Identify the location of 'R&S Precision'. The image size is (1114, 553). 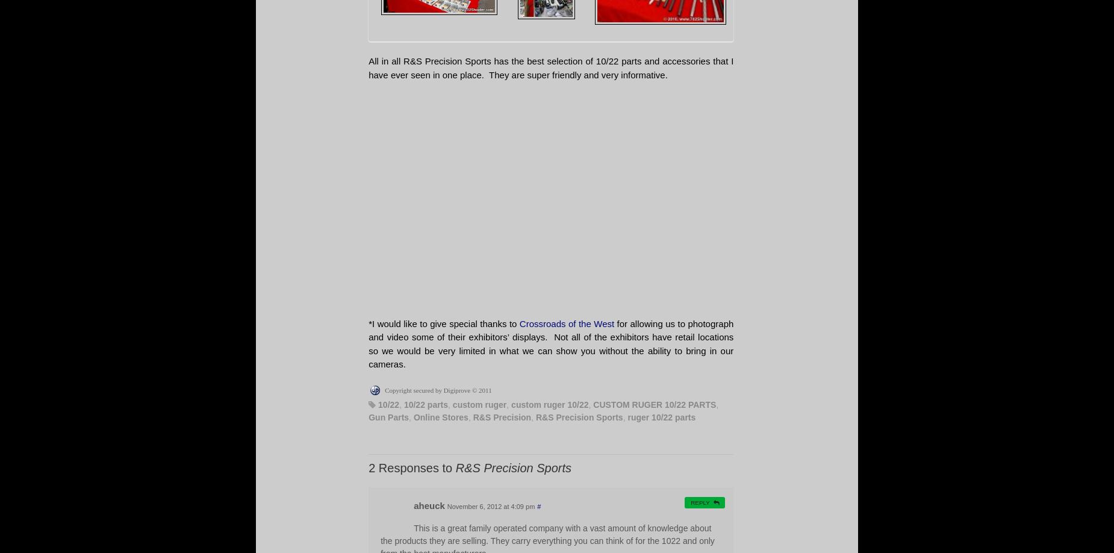
(472, 416).